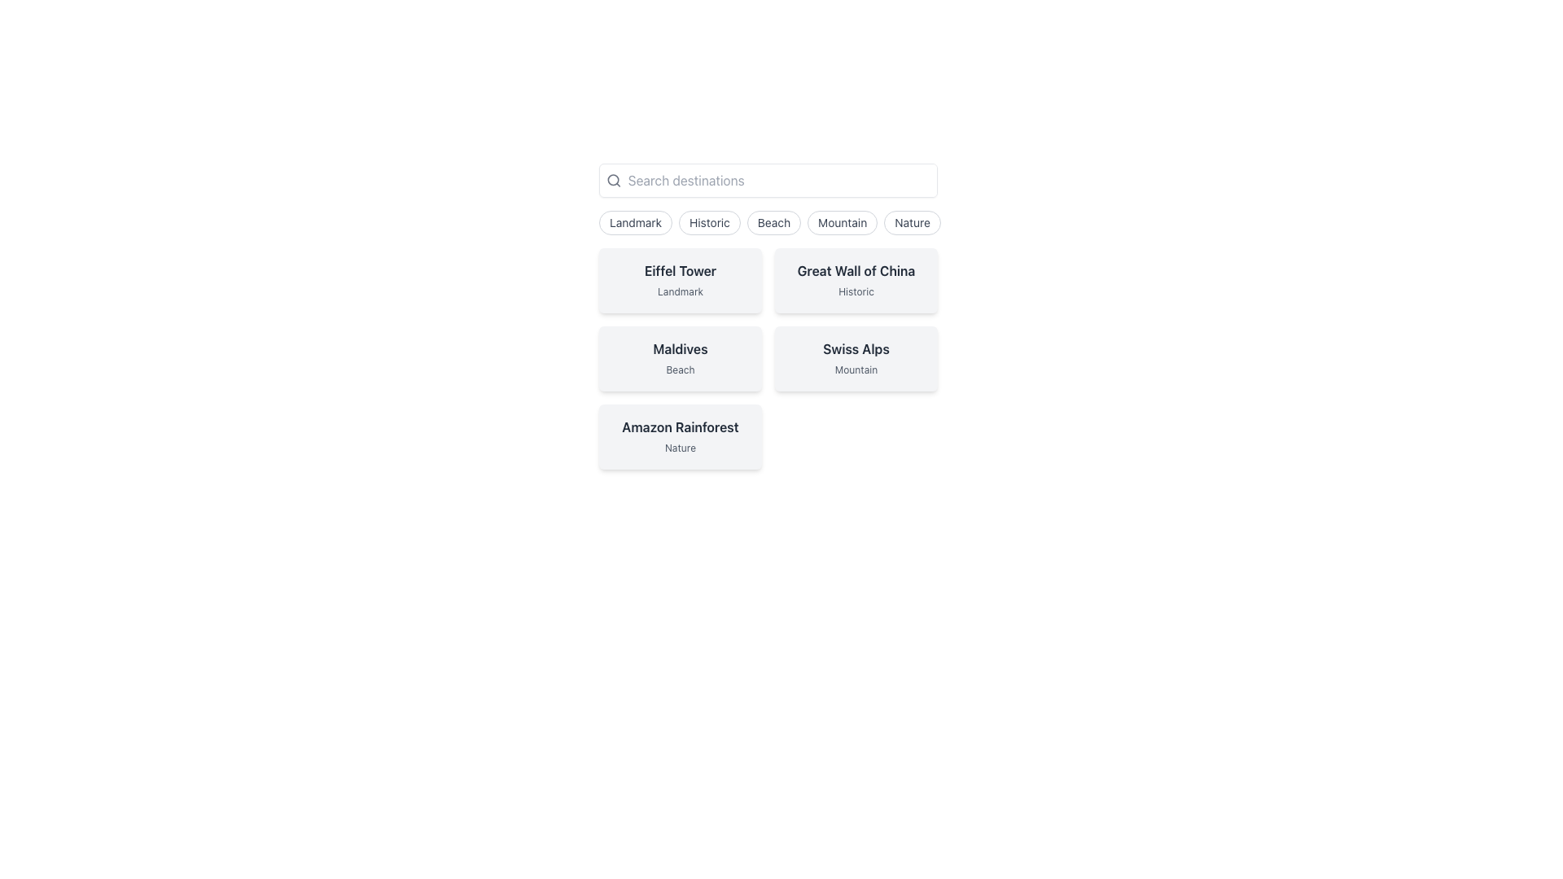 The height and width of the screenshot is (879, 1563). Describe the element at coordinates (773, 222) in the screenshot. I see `the selectable button used for filtering beach-related destinations, located near the top-center of the interface between 'Historic' and 'Mountain'` at that location.